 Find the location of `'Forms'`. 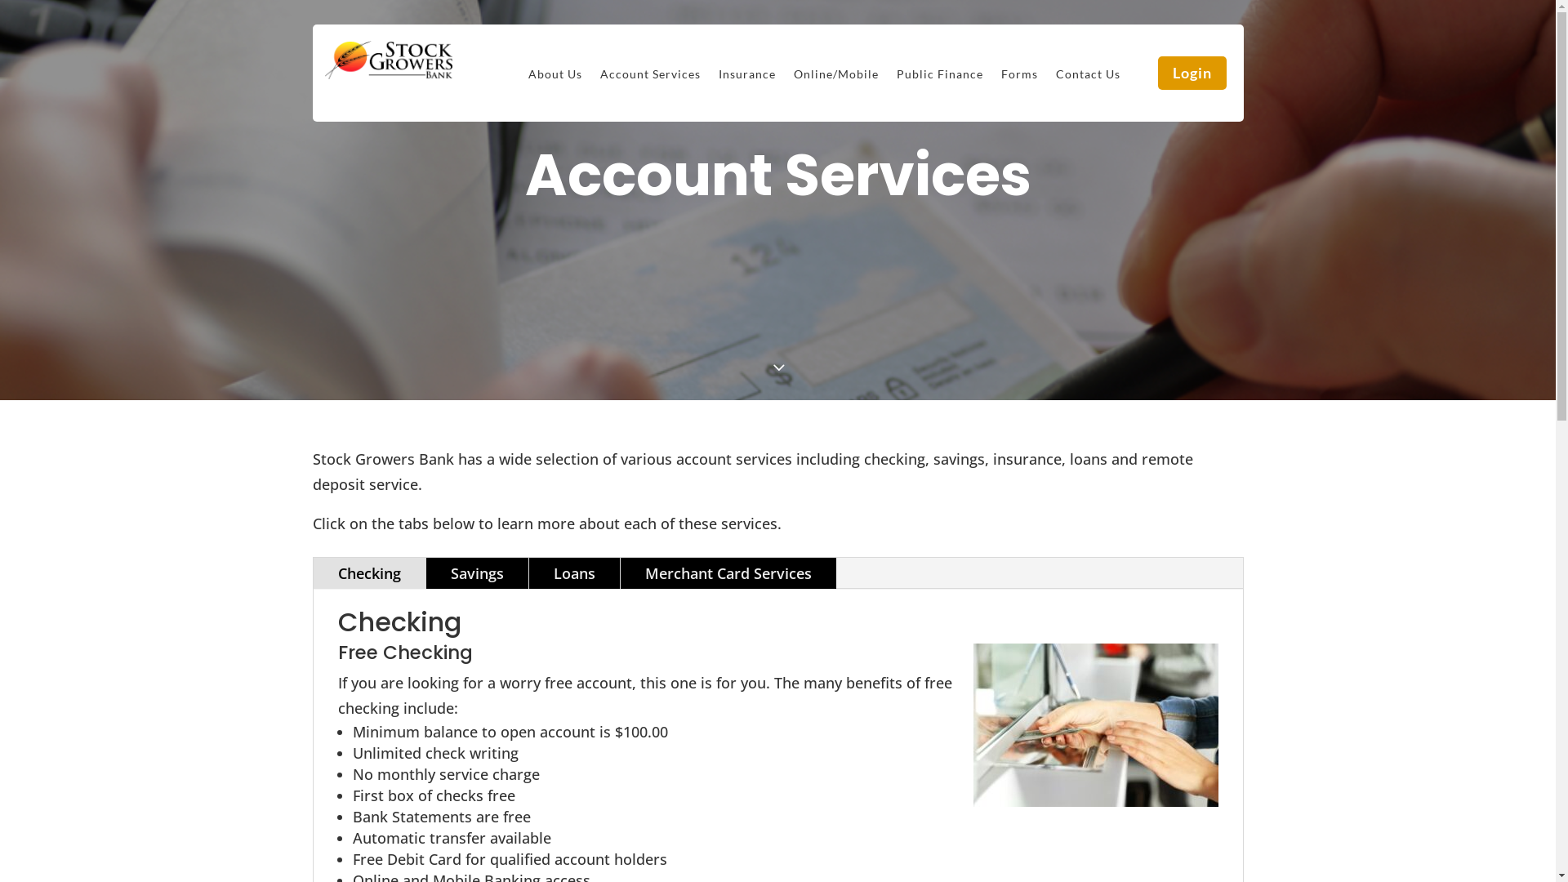

'Forms' is located at coordinates (1018, 78).